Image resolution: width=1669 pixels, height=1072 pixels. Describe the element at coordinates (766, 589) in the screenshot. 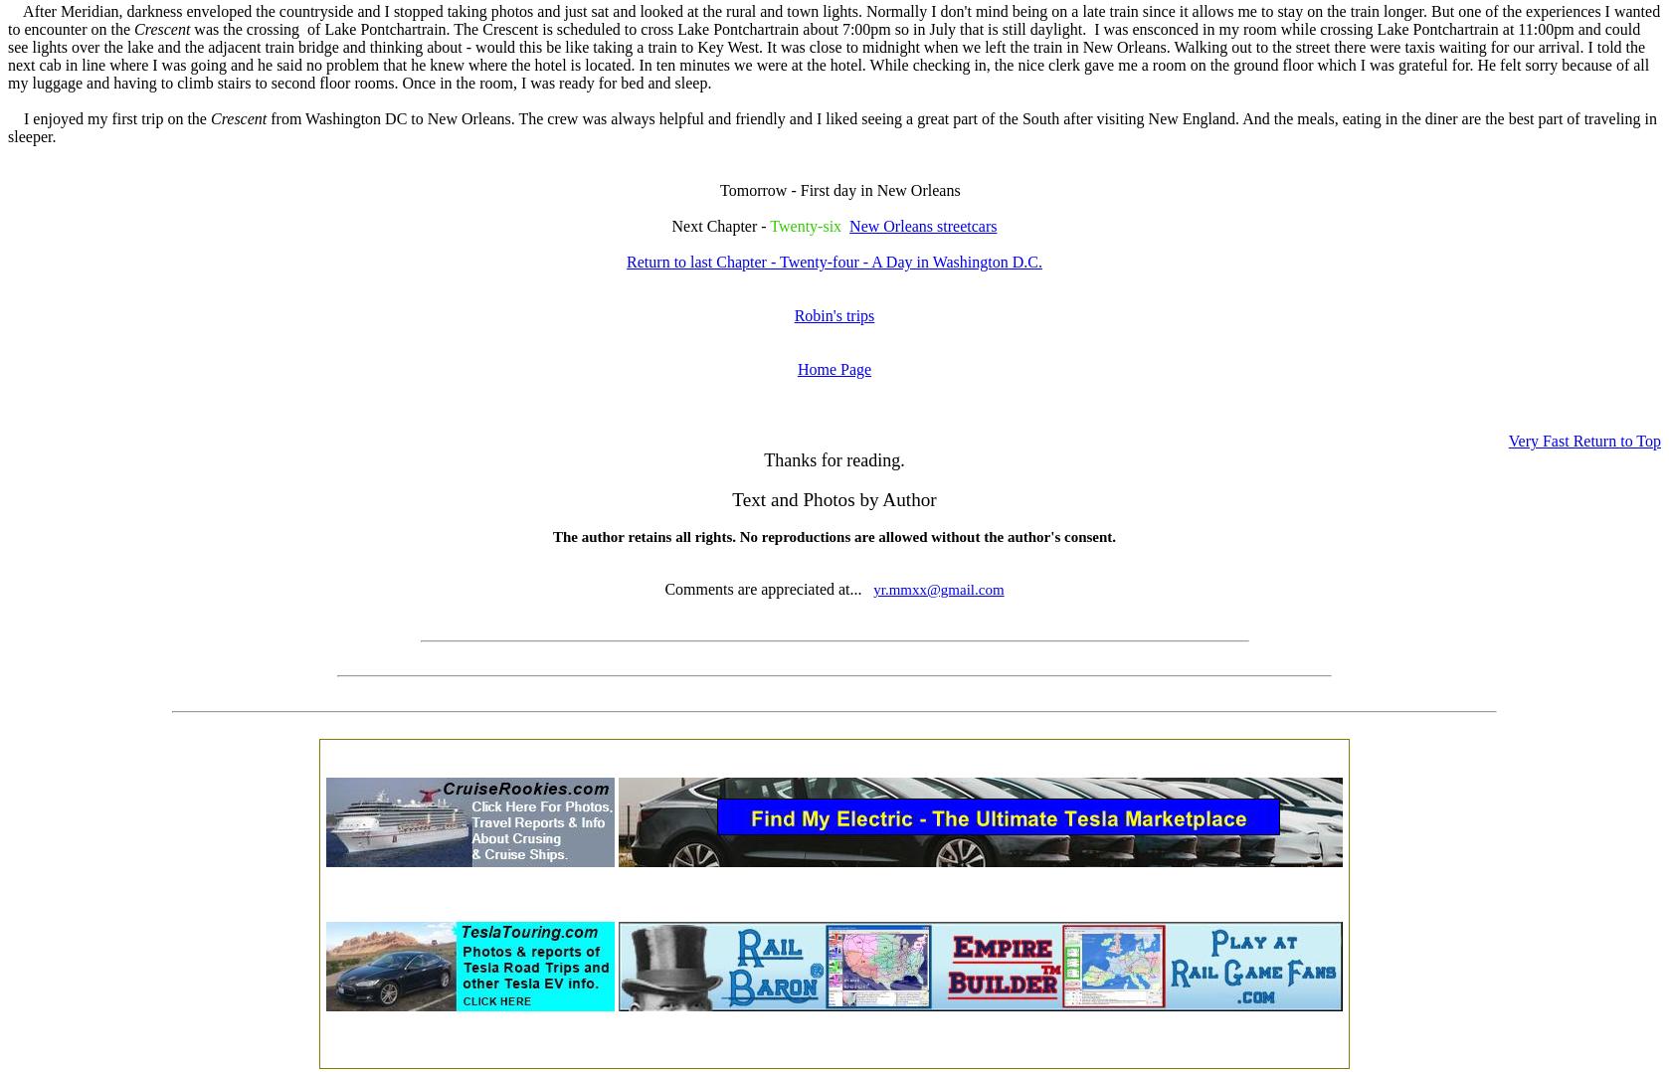

I see `'Comments are appreciated at...'` at that location.